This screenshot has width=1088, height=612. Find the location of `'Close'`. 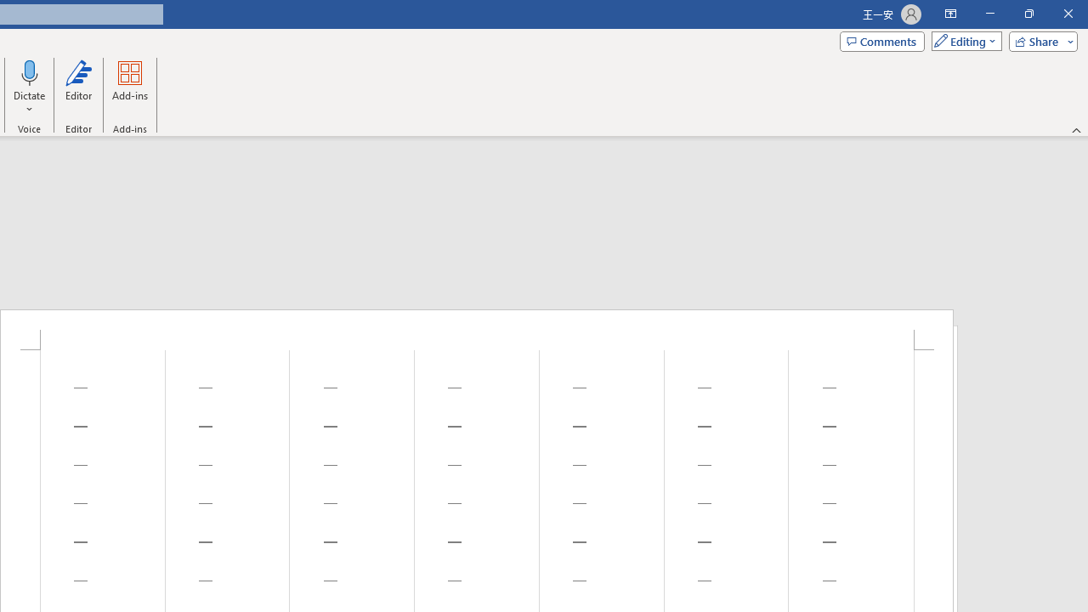

'Close' is located at coordinates (1067, 14).